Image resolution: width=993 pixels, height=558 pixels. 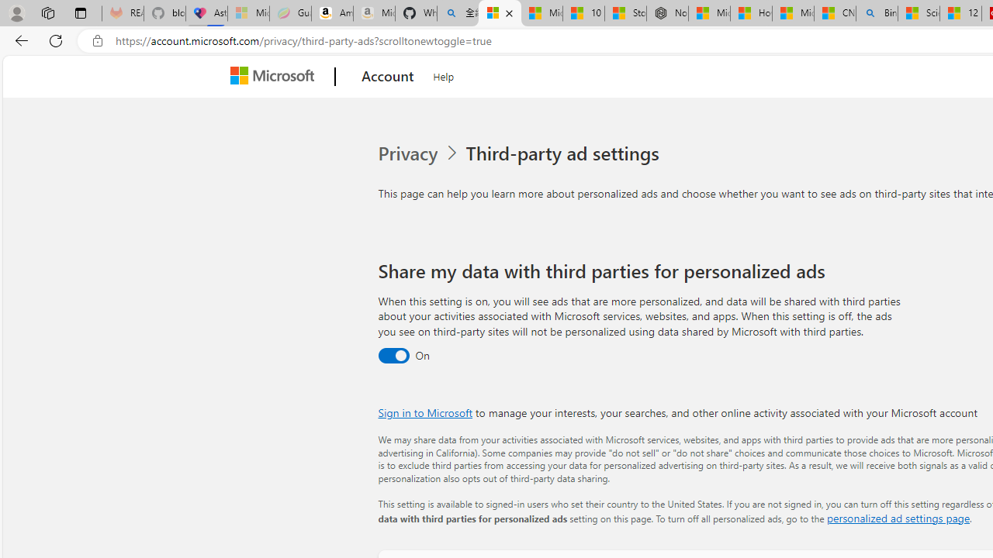 I want to click on 'Microsoft', so click(x=275, y=77).